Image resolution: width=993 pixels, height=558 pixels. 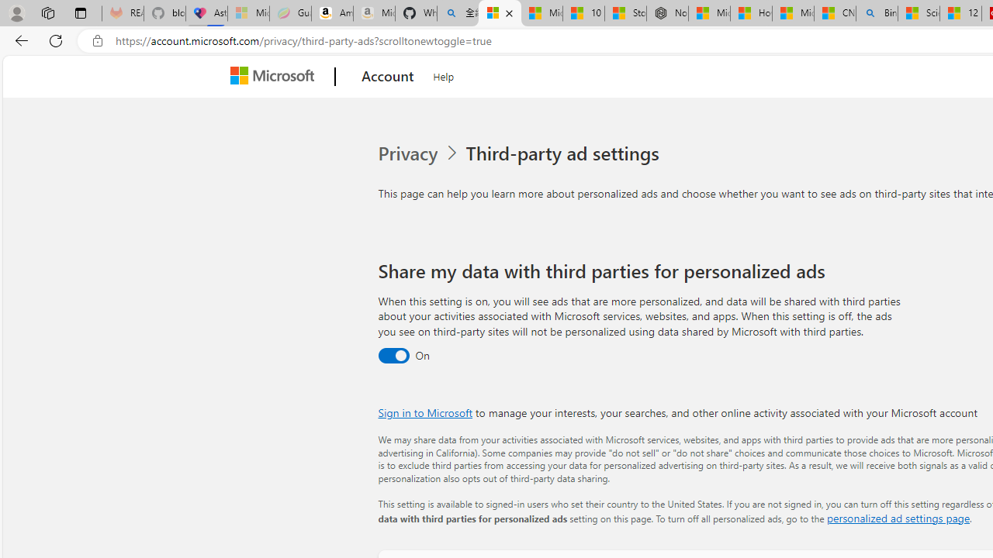 I want to click on 'Microsoft', so click(x=275, y=77).